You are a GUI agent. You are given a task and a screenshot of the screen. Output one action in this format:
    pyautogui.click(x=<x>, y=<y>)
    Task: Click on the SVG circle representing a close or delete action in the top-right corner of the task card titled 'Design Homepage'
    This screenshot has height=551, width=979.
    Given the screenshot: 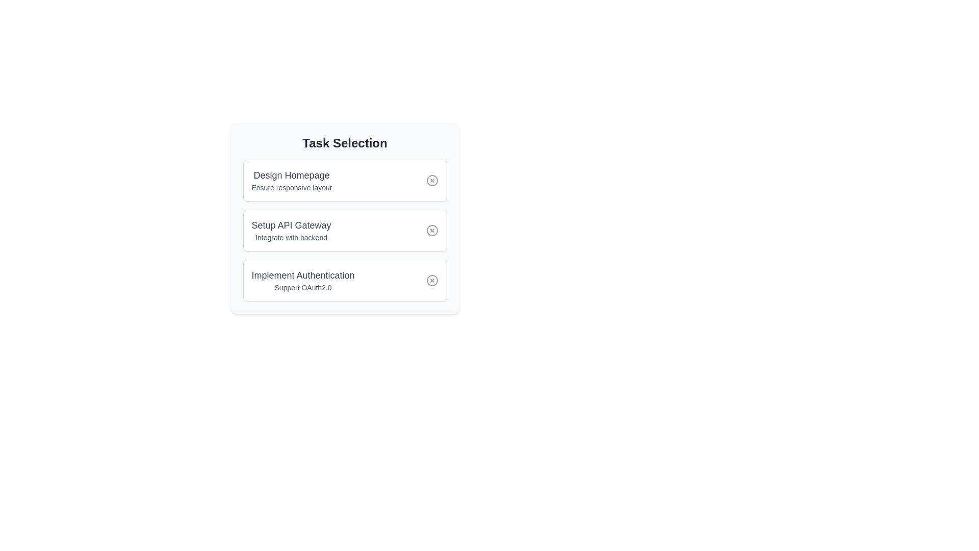 What is the action you would take?
    pyautogui.click(x=432, y=180)
    